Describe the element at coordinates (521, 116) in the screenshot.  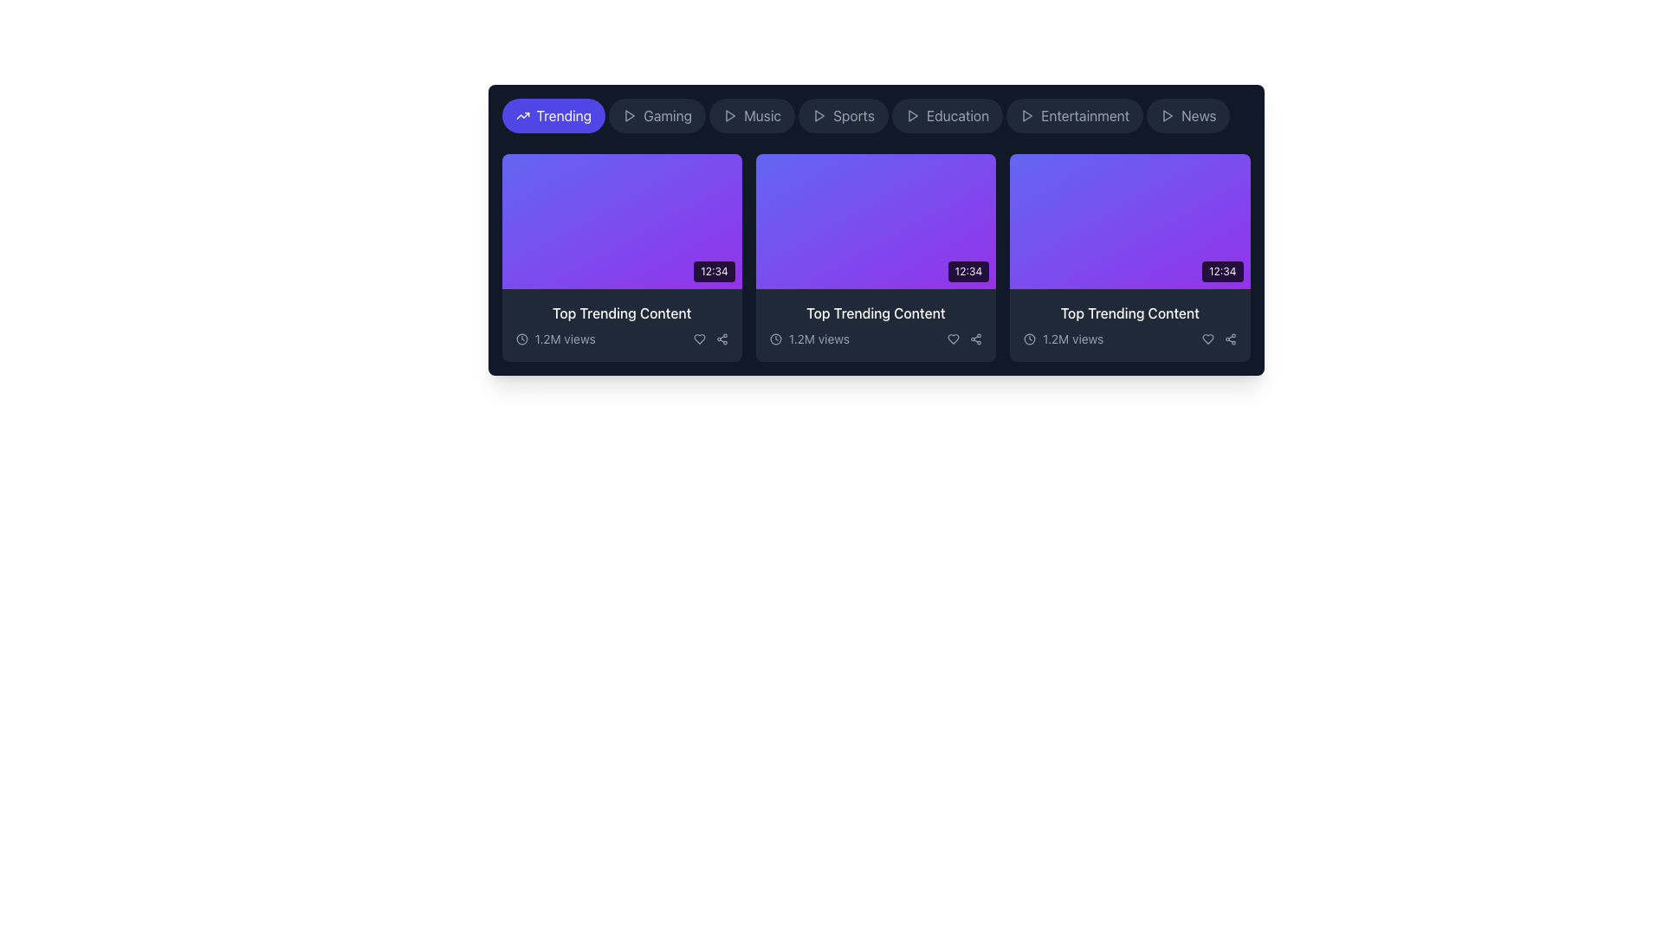
I see `the graphic icon representing an upward trend located to the left of the 'Trending' text in the horizontal menu bar at the top of the interface` at that location.